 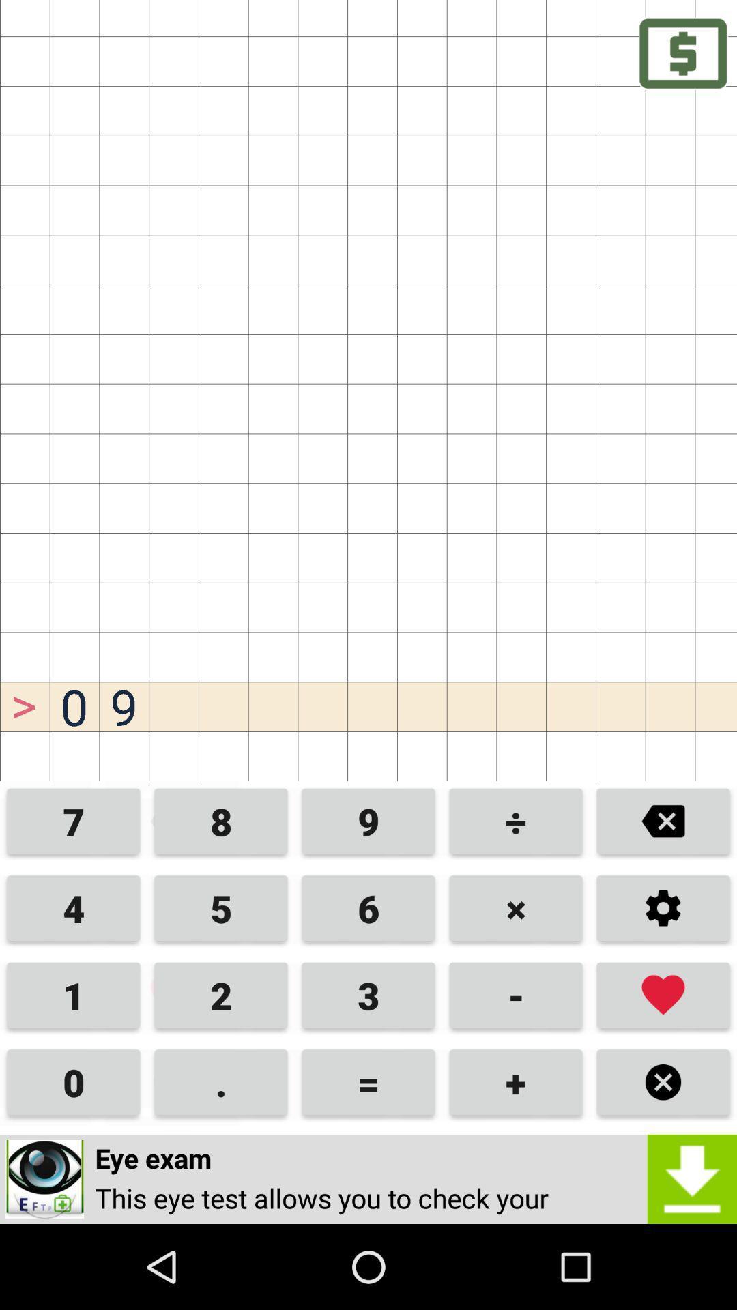 What do you see at coordinates (663, 1081) in the screenshot?
I see `button` at bounding box center [663, 1081].